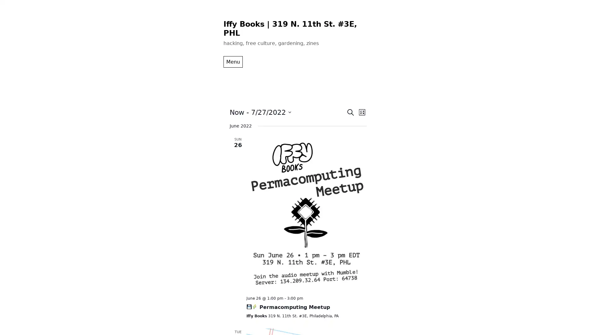  What do you see at coordinates (260, 112) in the screenshot?
I see `Click to toggle datepicker` at bounding box center [260, 112].